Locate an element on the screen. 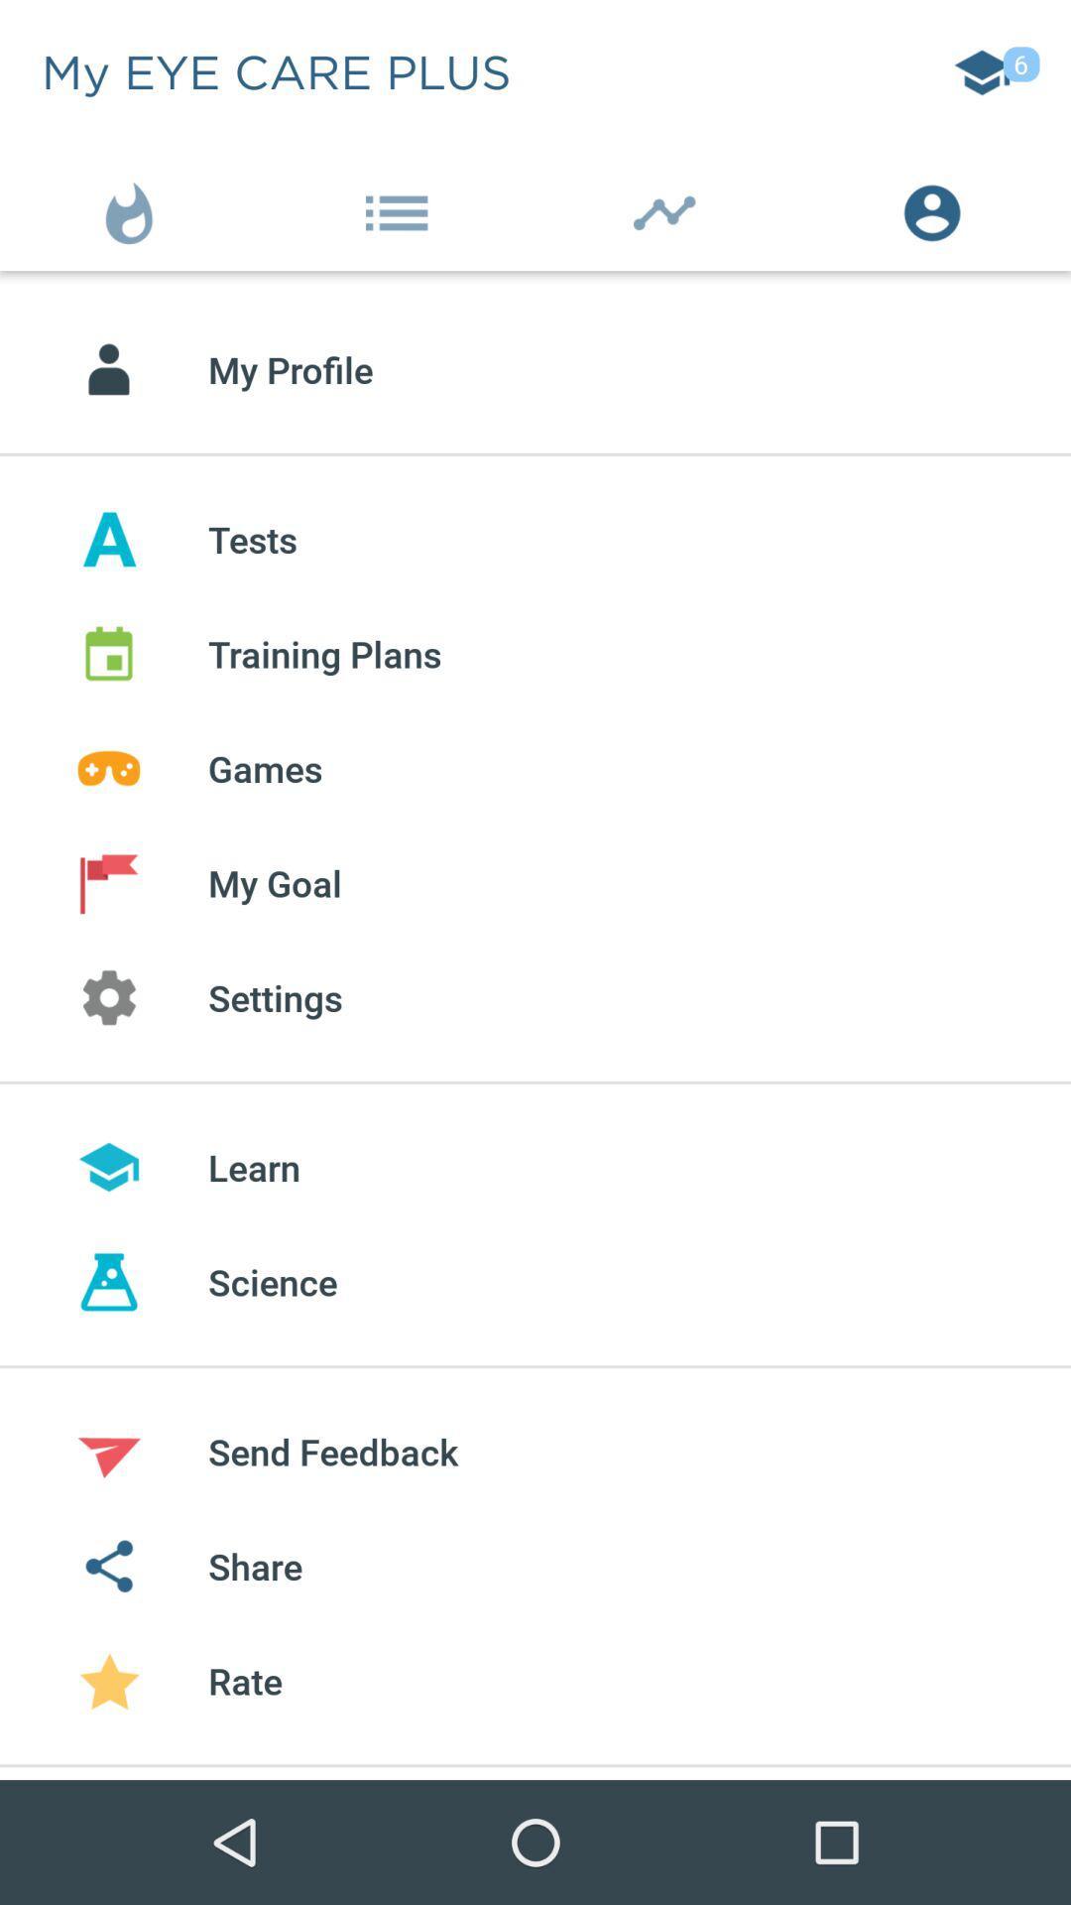 This screenshot has width=1071, height=1905. the item to the left of the is located at coordinates (134, 208).